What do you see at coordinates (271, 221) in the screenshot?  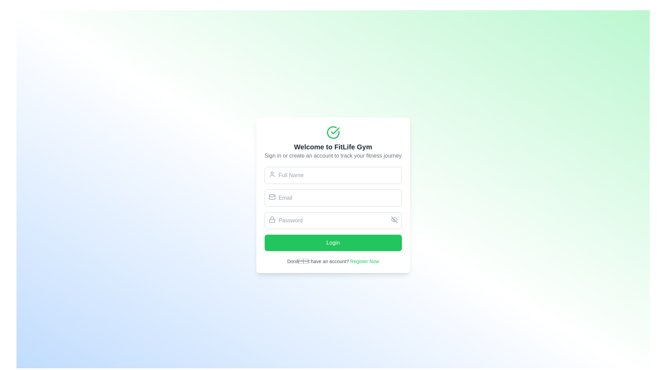 I see `the bottom rectangle of the padlock icon, which visually represents password security, located directly to the left of the password field in the login form` at bounding box center [271, 221].